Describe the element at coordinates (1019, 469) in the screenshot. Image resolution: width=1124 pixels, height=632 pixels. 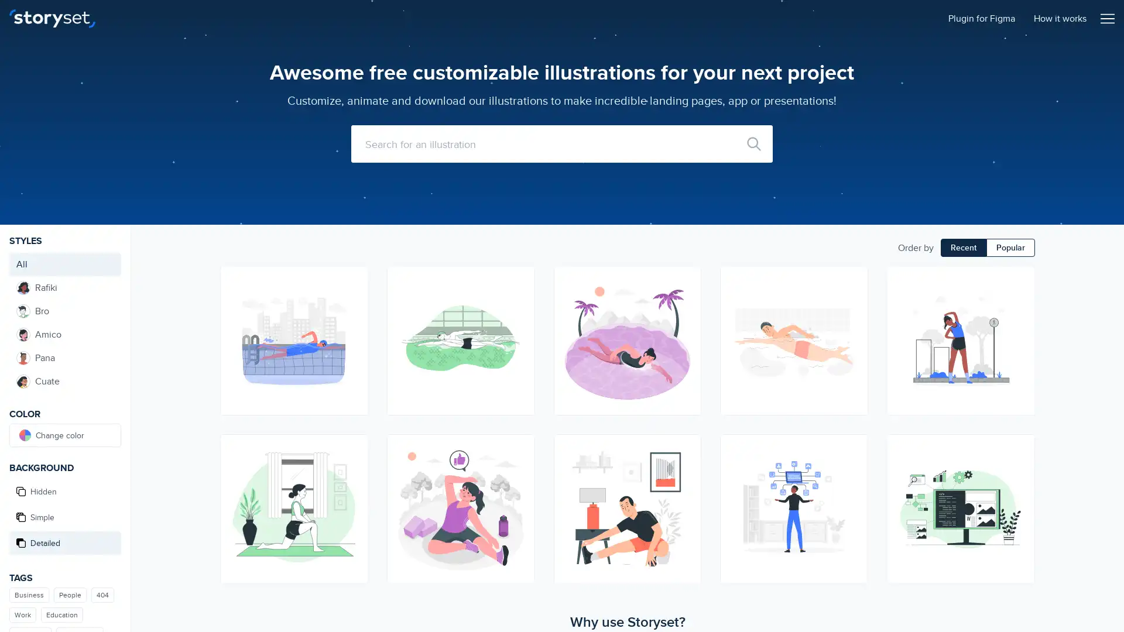
I see `download icon Download` at that location.